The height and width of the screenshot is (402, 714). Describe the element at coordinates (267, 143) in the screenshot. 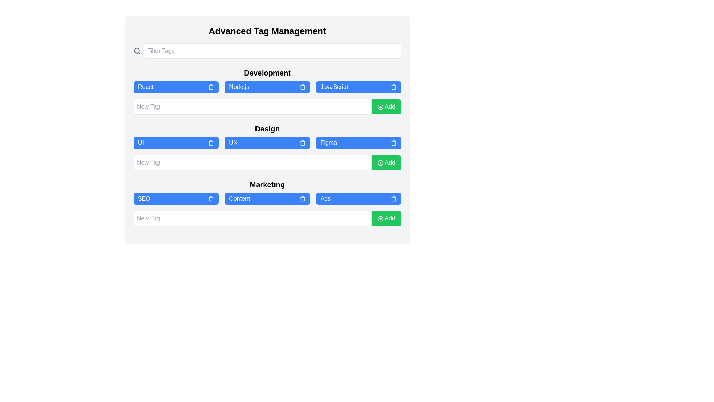

I see `the interactive button in the 'Design' section of the 'Advanced Tag Management' framework` at that location.